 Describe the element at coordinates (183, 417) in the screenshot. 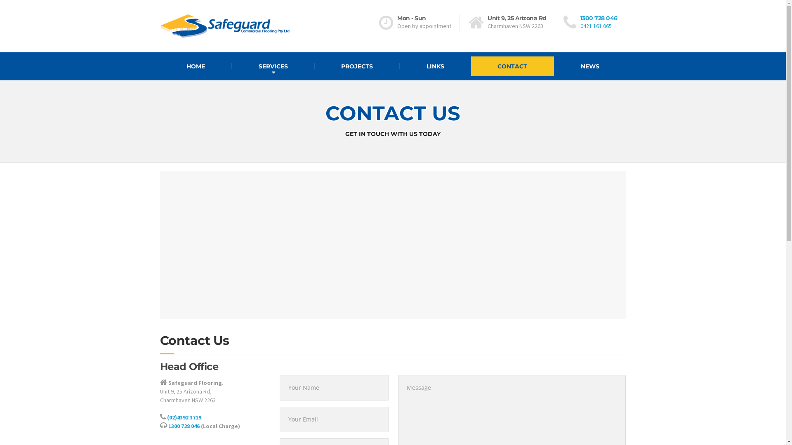

I see `'(02)4392 3719'` at that location.